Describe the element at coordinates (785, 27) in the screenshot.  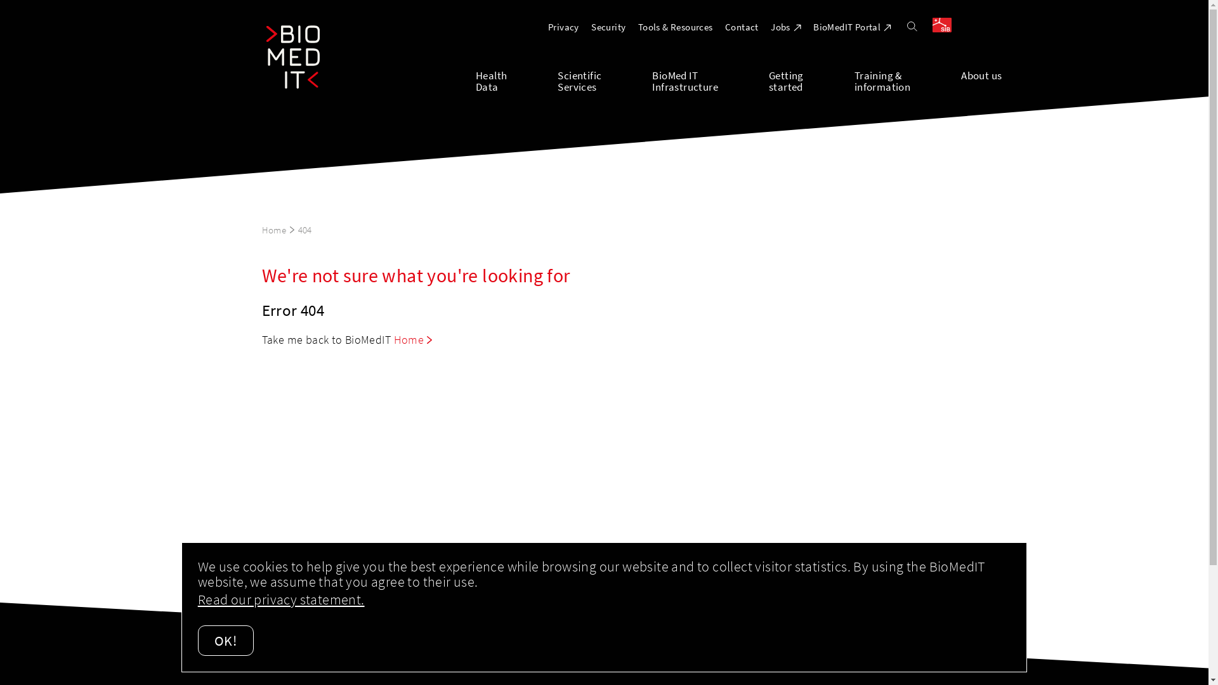
I see `'Jobs'` at that location.